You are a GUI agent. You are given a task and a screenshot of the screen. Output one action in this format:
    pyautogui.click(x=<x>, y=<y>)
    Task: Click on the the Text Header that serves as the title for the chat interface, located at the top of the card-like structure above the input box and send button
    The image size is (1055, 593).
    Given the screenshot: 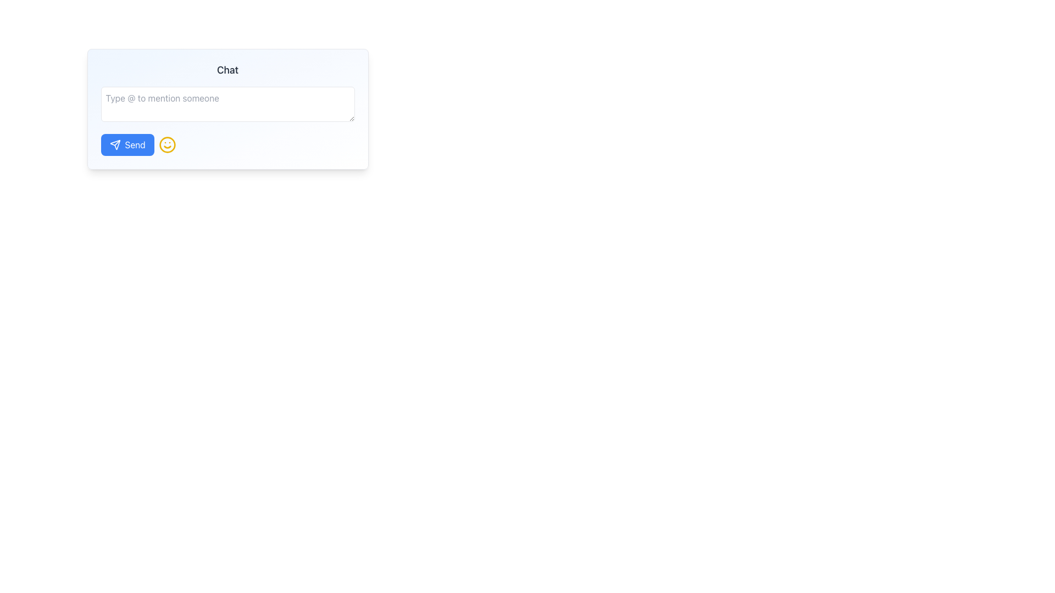 What is the action you would take?
    pyautogui.click(x=227, y=70)
    